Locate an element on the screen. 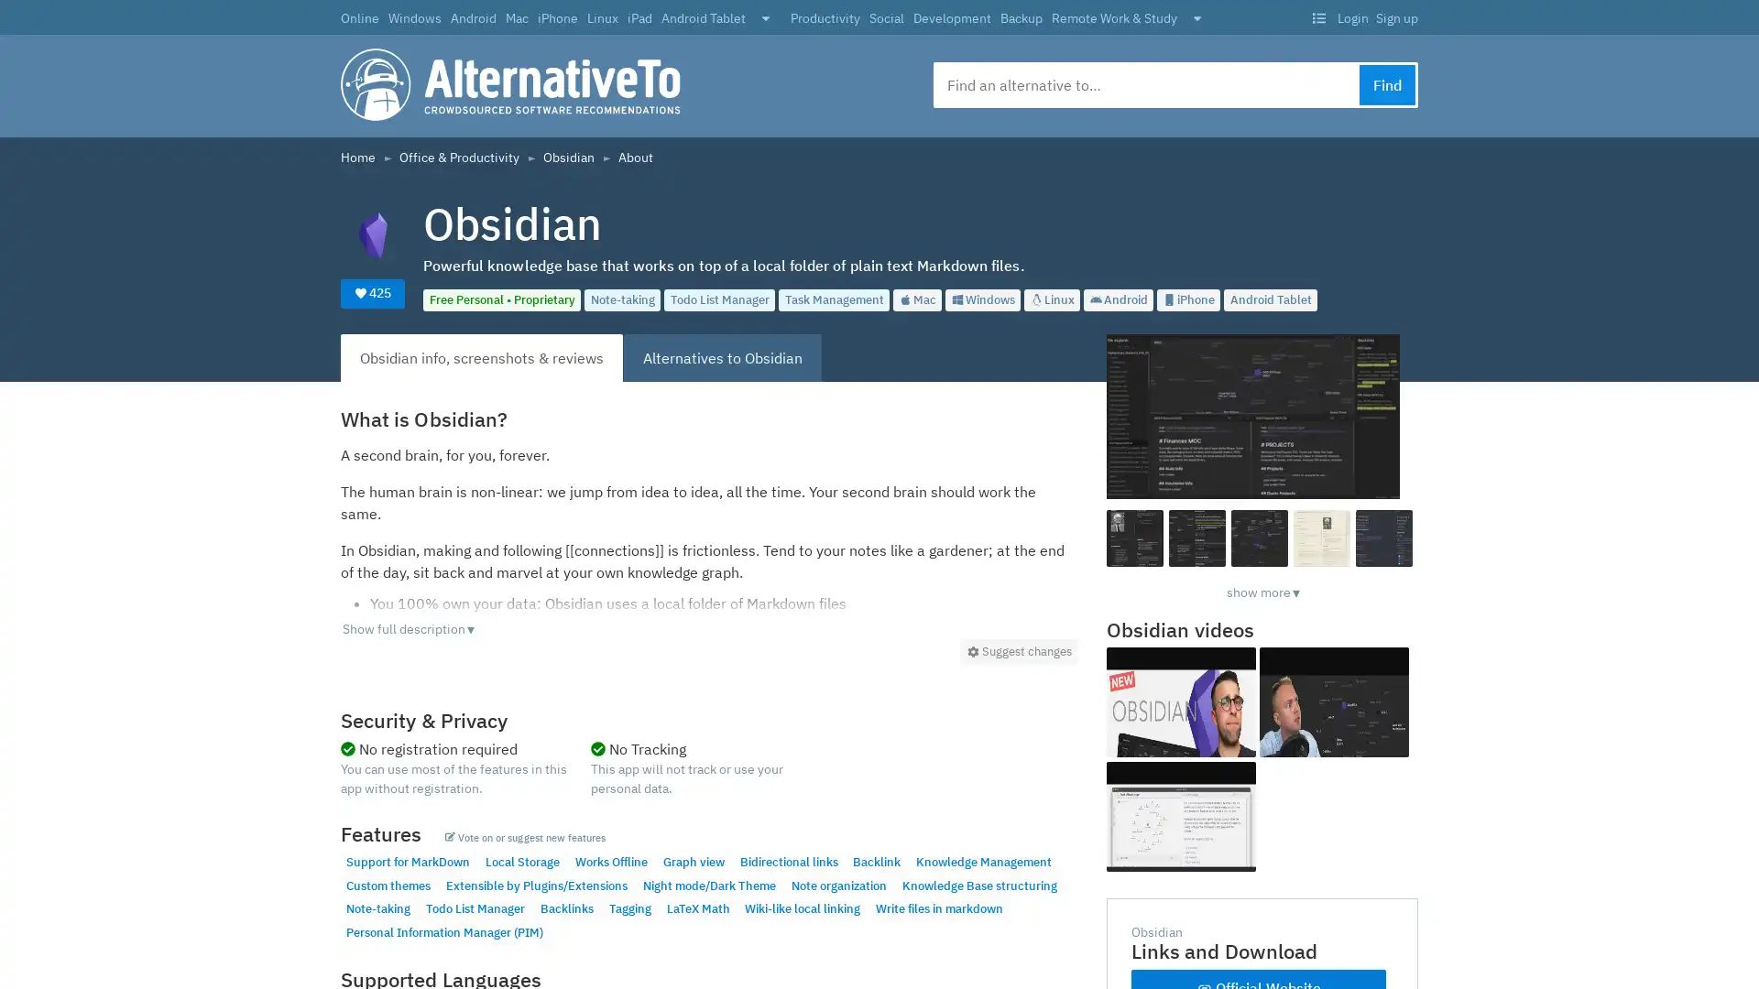 Image resolution: width=1759 pixels, height=989 pixels. 425 is located at coordinates (372, 292).